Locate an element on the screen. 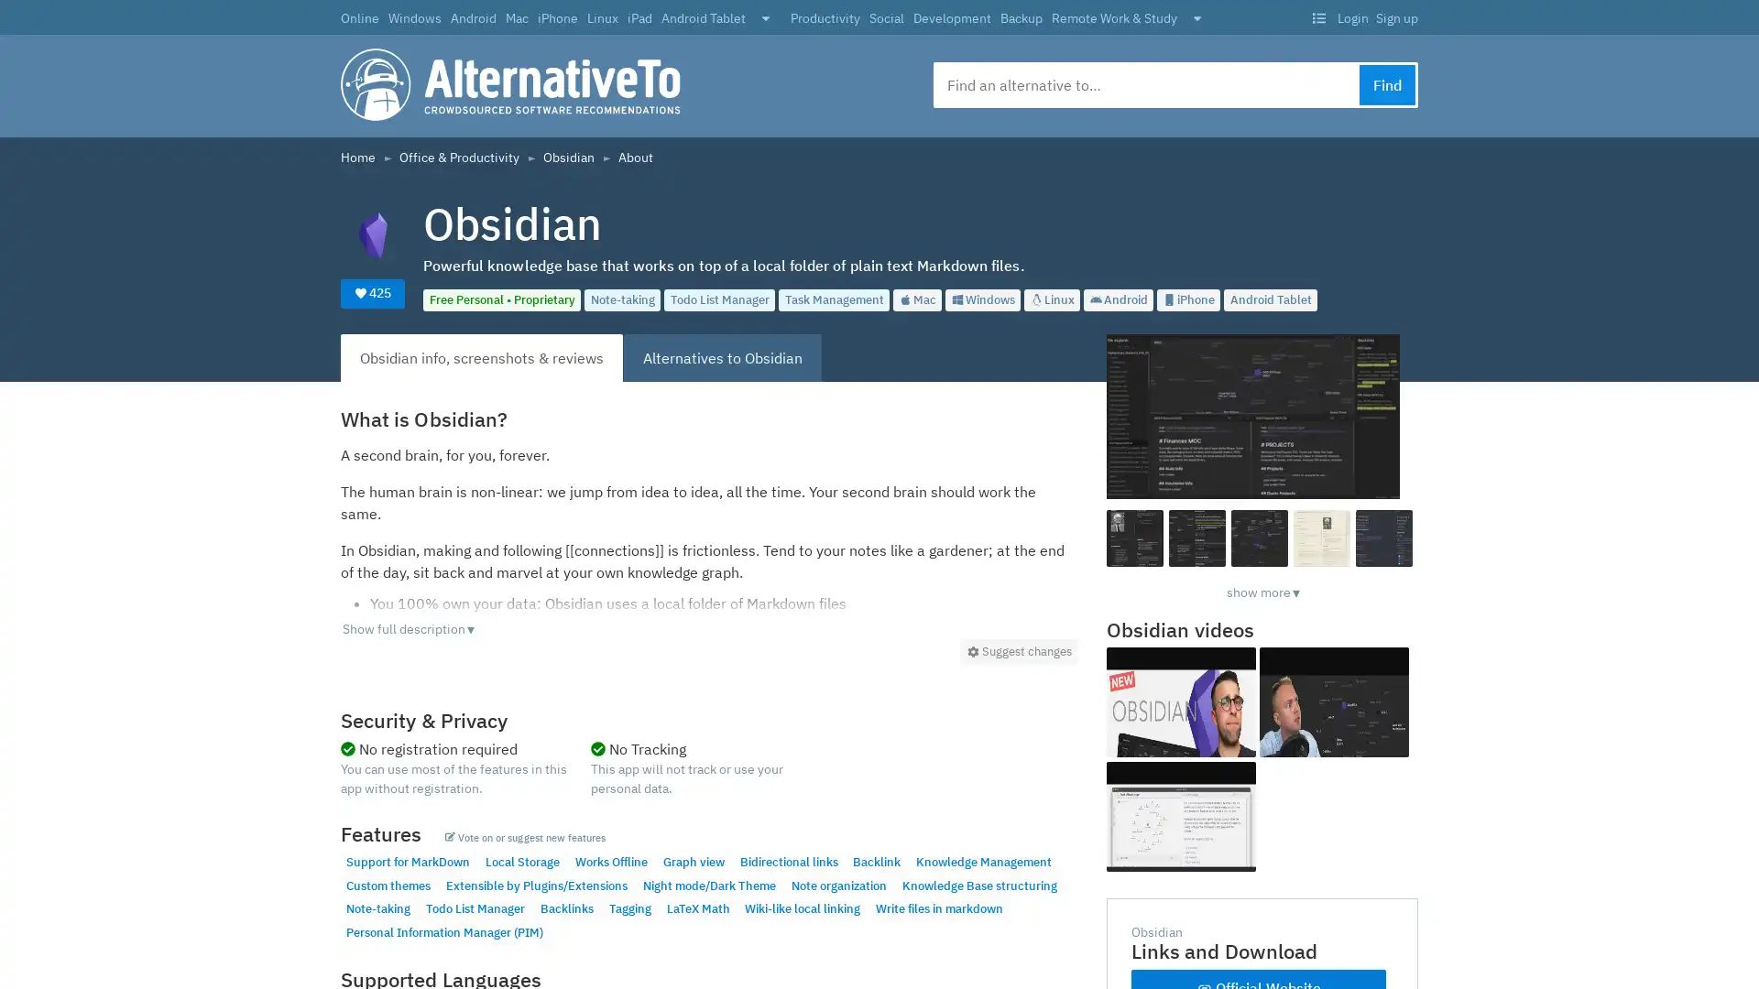 Image resolution: width=1759 pixels, height=989 pixels. 425 is located at coordinates (372, 292).